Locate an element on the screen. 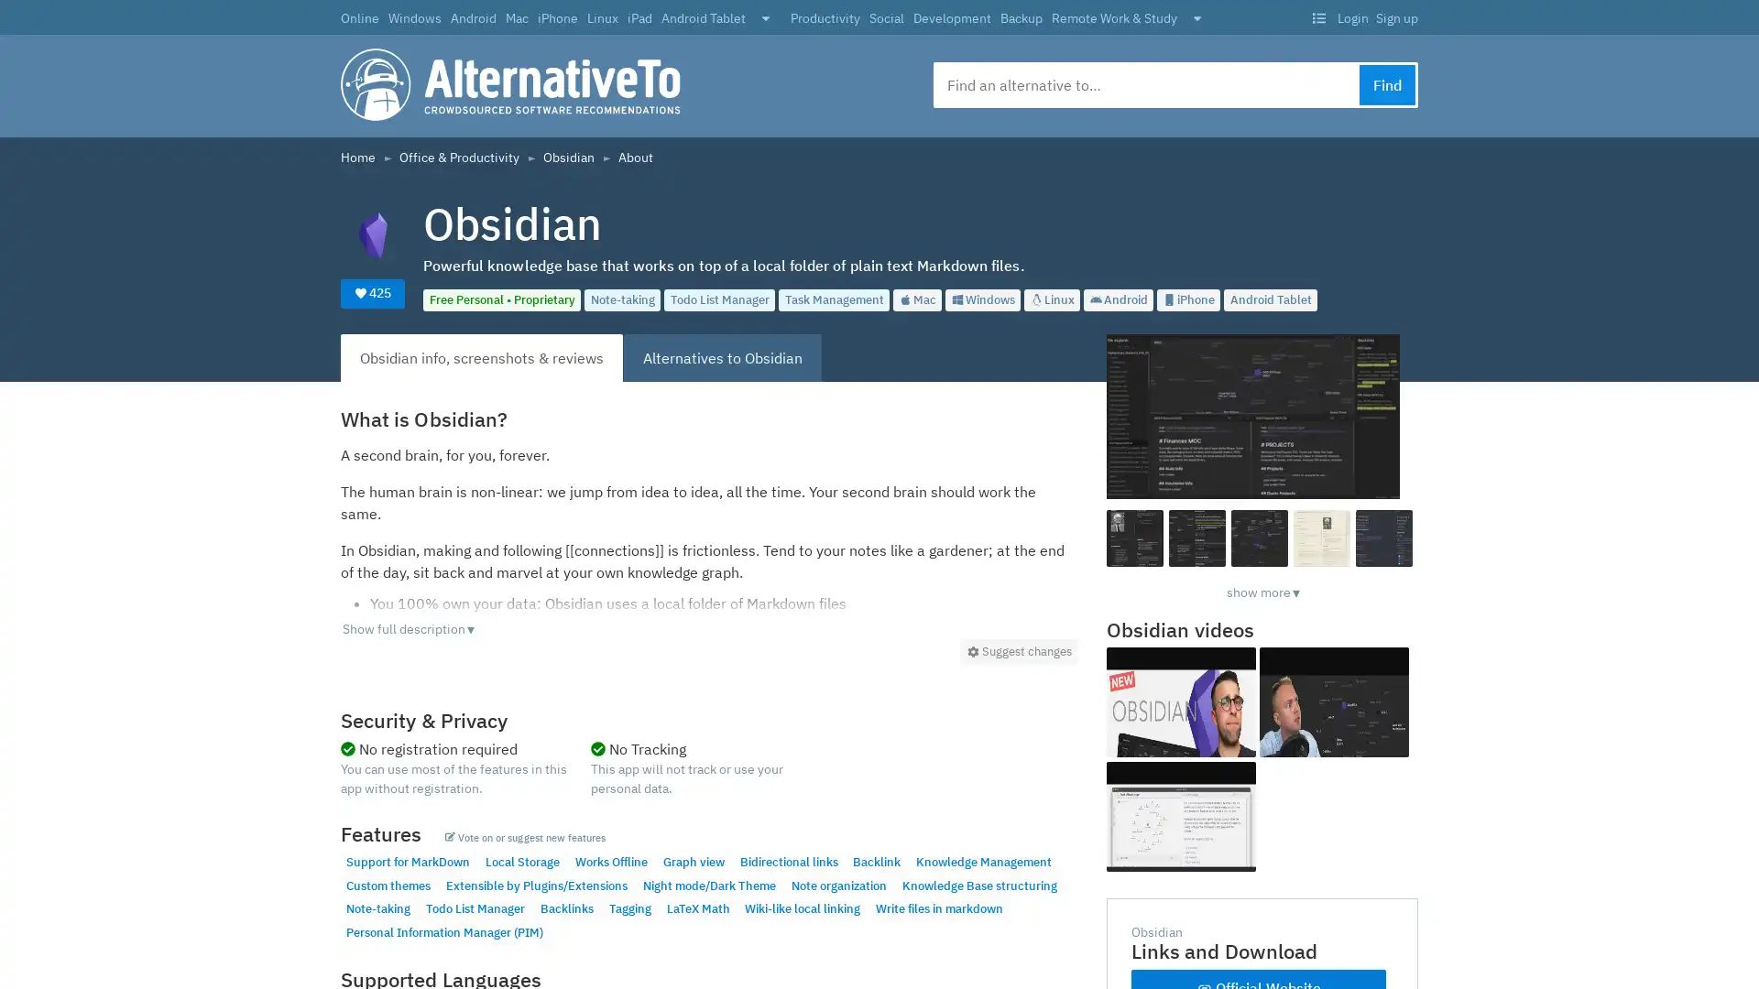 Image resolution: width=1759 pixels, height=989 pixels. 425 is located at coordinates (372, 292).